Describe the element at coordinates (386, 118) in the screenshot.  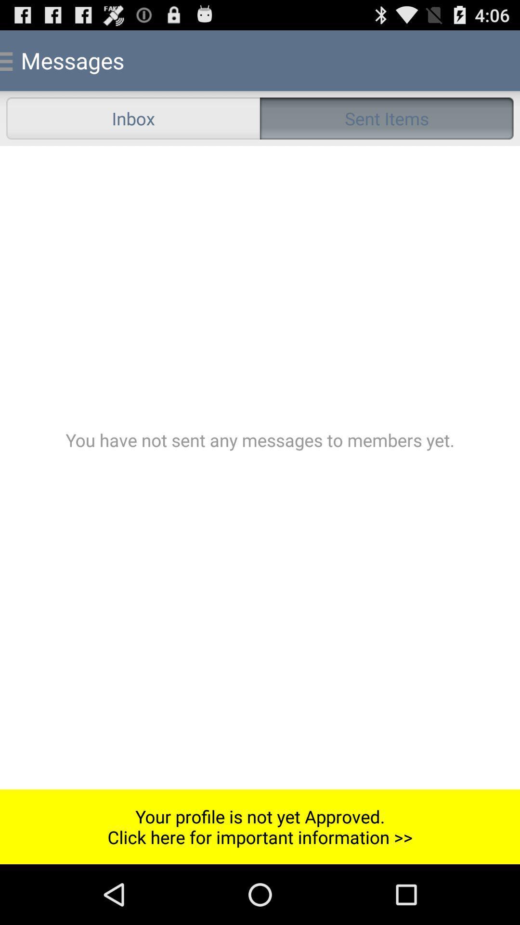
I see `item next to inbox icon` at that location.